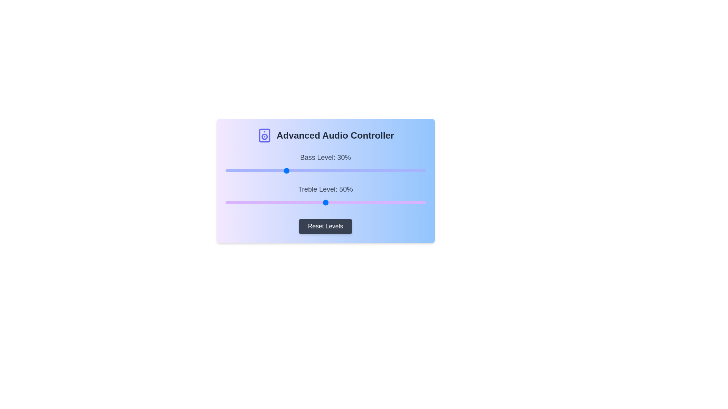 This screenshot has width=728, height=409. Describe the element at coordinates (308, 171) in the screenshot. I see `the 0 slider to 41%` at that location.